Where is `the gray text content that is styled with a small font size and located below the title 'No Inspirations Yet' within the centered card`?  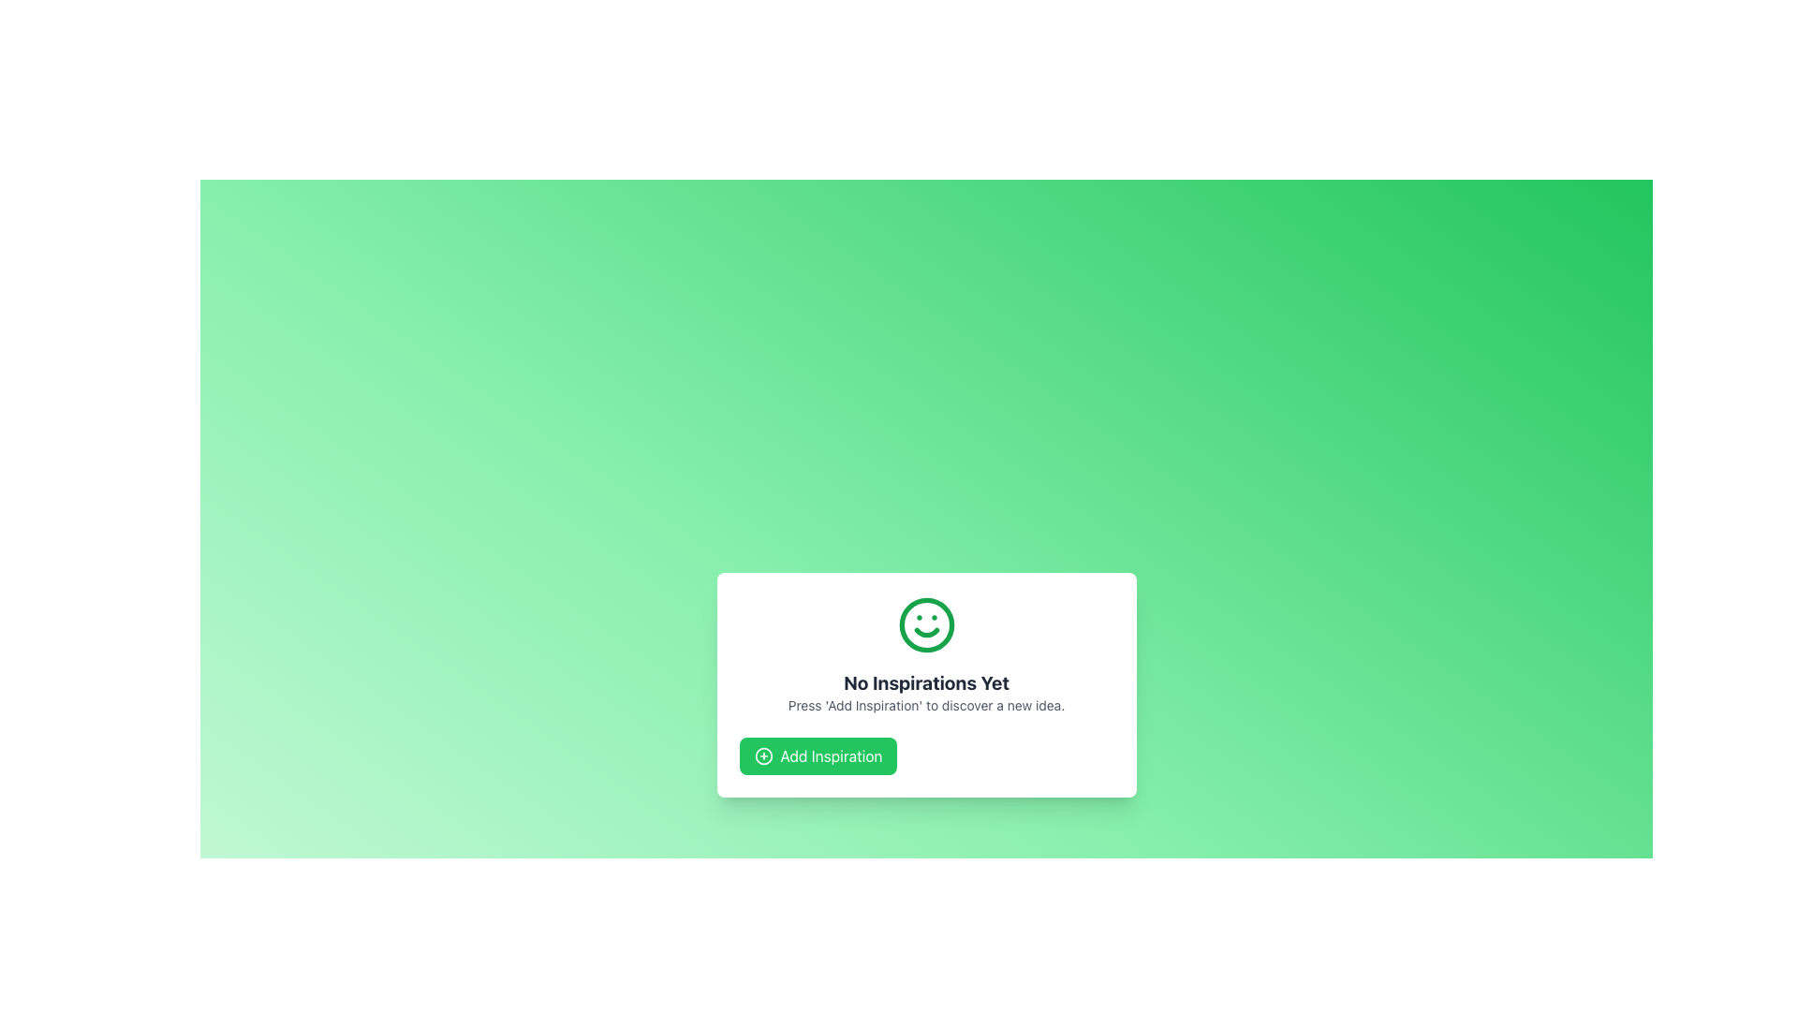
the gray text content that is styled with a small font size and located below the title 'No Inspirations Yet' within the centered card is located at coordinates (926, 705).